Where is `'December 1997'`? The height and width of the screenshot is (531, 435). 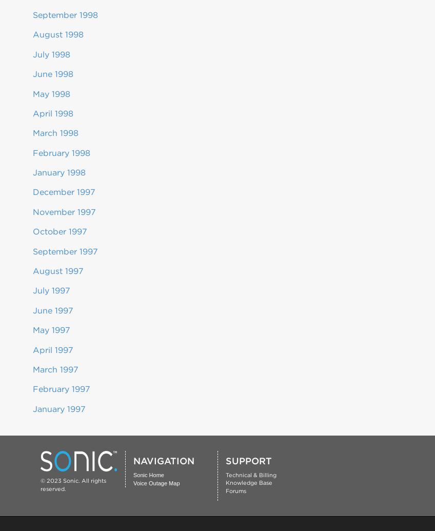 'December 1997' is located at coordinates (63, 192).